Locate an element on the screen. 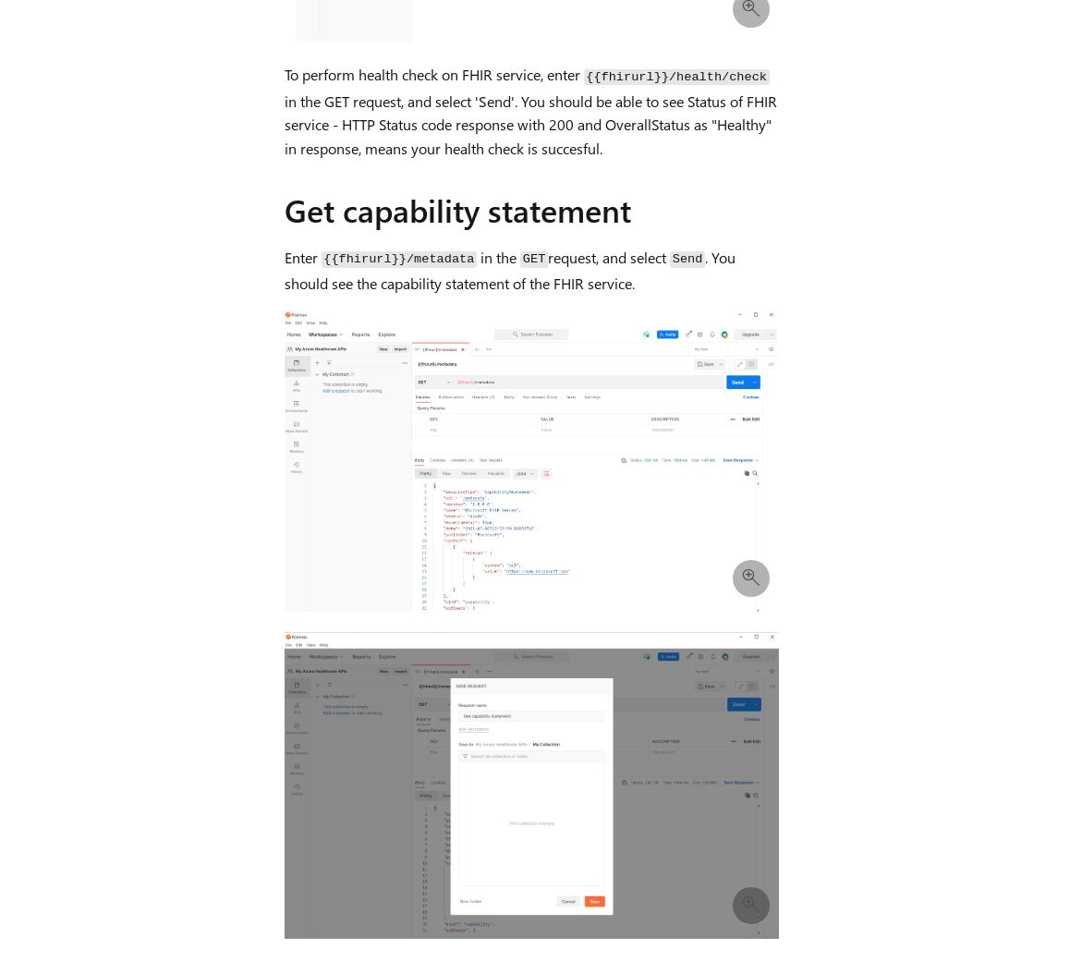  '{{fhirurl}}/health/check' is located at coordinates (675, 76).